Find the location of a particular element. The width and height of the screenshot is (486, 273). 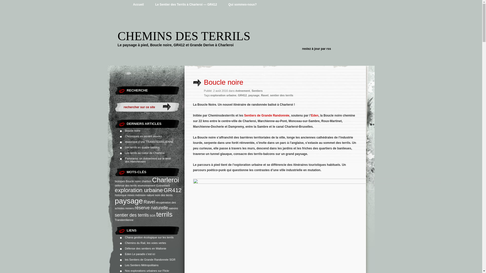

'CHEMINS DES TERRILS' is located at coordinates (184, 36).